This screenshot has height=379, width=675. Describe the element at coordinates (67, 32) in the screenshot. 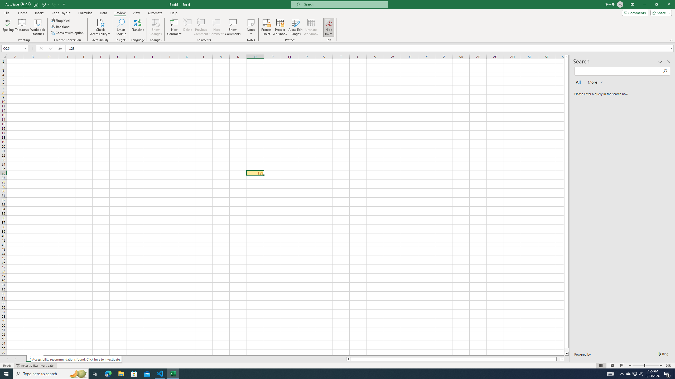

I see `'Convert with option'` at that location.